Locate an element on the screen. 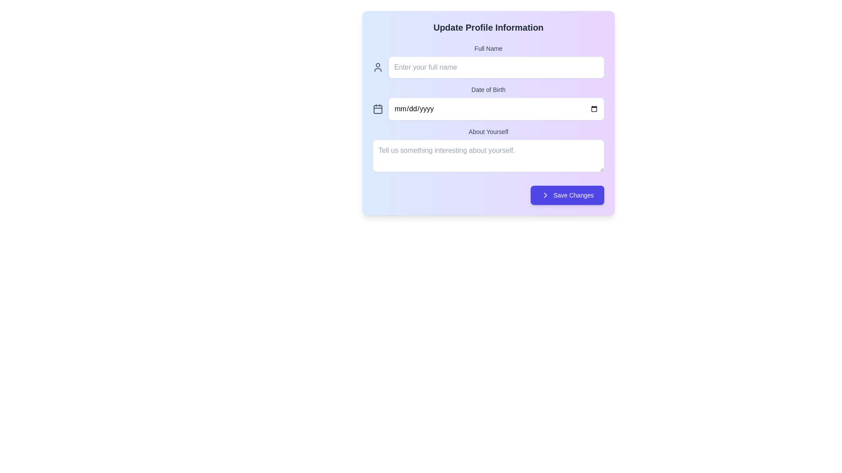 Image resolution: width=842 pixels, height=473 pixels. the small gray calendar icon located under the 'Date of Birth' label, positioned to the left of the date input field is located at coordinates (378, 109).